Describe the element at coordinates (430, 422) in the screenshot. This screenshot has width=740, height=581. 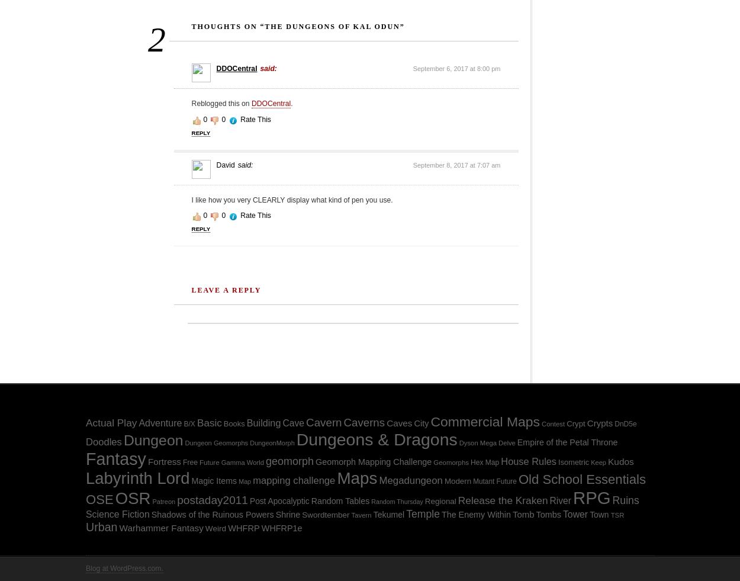
I see `'Commercial Maps'` at that location.